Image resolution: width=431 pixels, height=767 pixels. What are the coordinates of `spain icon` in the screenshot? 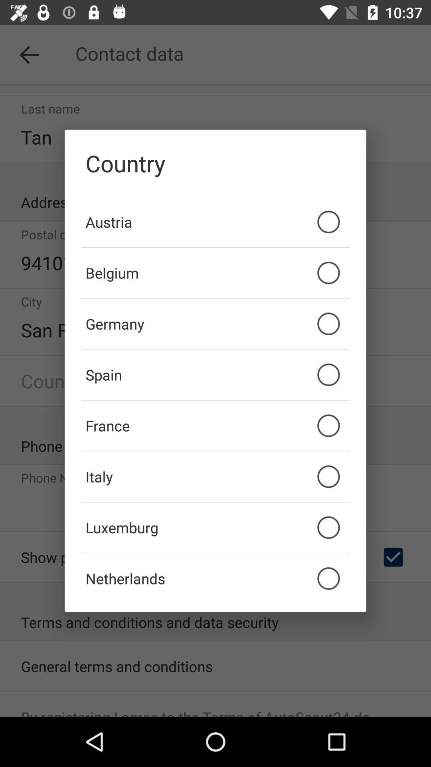 It's located at (215, 374).